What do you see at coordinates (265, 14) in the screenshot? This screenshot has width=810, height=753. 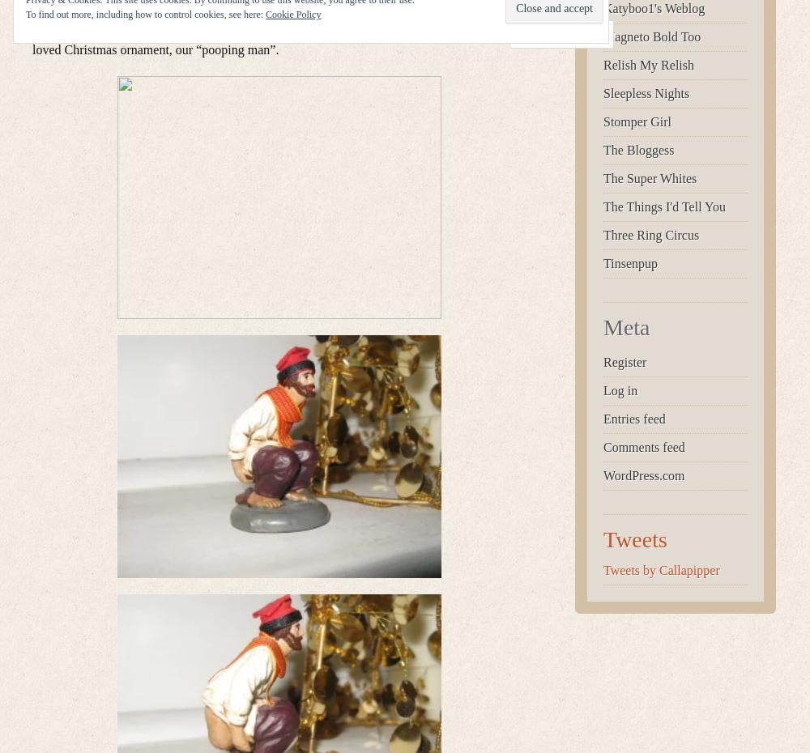 I see `'Cookie Policy'` at bounding box center [265, 14].